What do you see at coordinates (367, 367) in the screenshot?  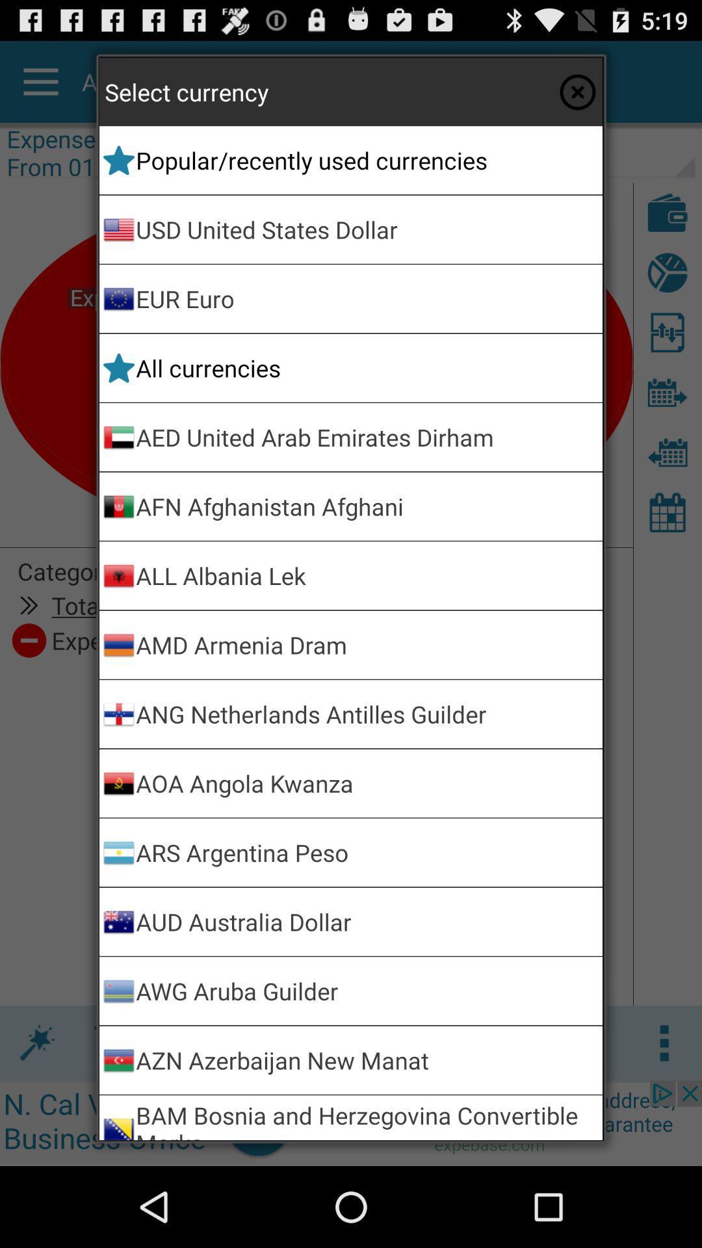 I see `the all currencies icon` at bounding box center [367, 367].